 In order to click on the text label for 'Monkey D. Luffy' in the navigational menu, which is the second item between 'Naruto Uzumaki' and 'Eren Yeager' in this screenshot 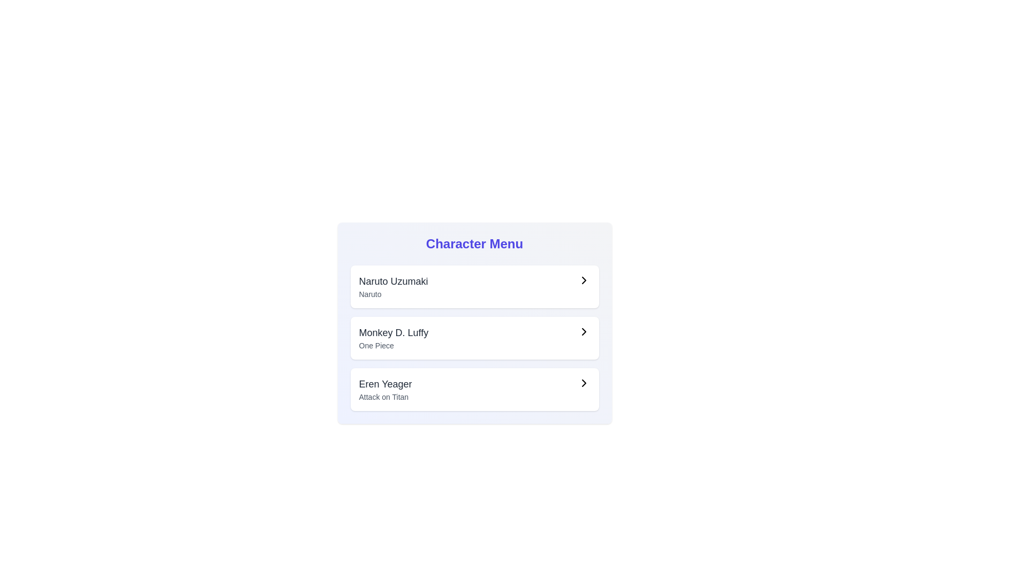, I will do `click(393, 338)`.